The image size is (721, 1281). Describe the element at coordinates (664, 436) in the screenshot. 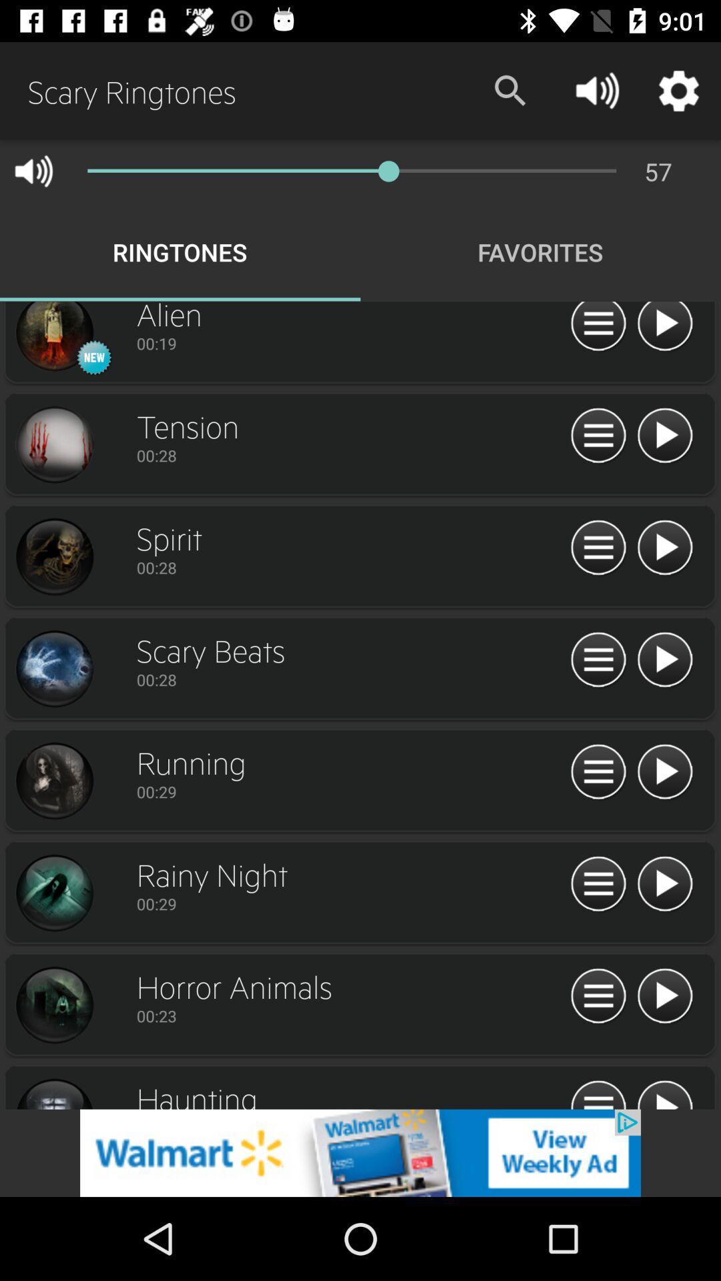

I see `an` at that location.